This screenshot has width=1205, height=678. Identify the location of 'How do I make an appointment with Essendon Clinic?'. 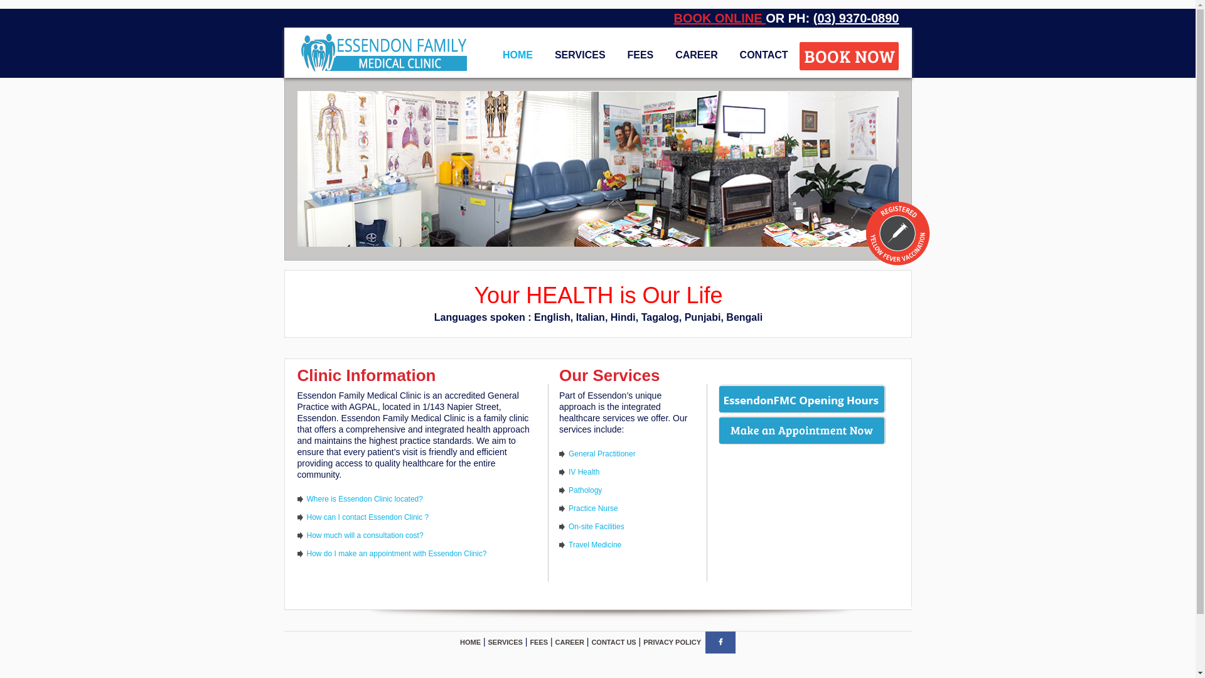
(395, 553).